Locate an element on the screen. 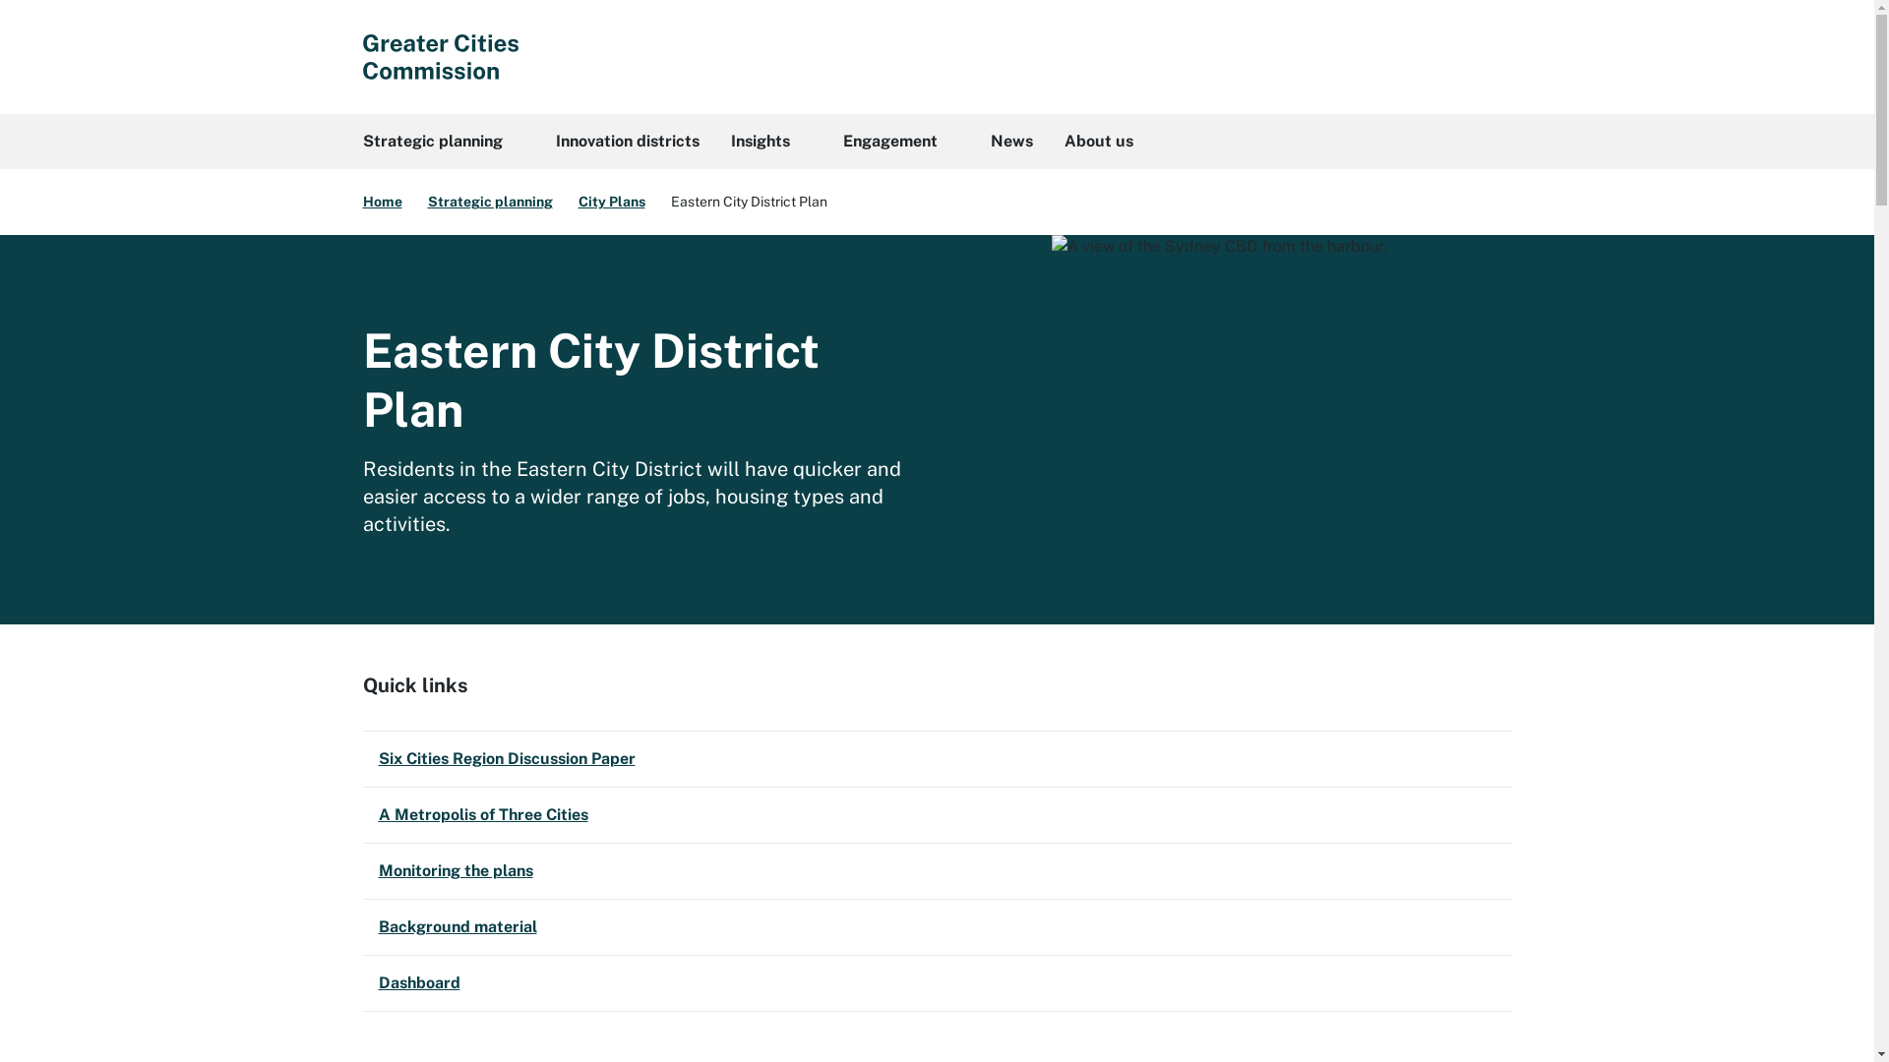 The image size is (1889, 1062). 'City Plans' is located at coordinates (611, 201).